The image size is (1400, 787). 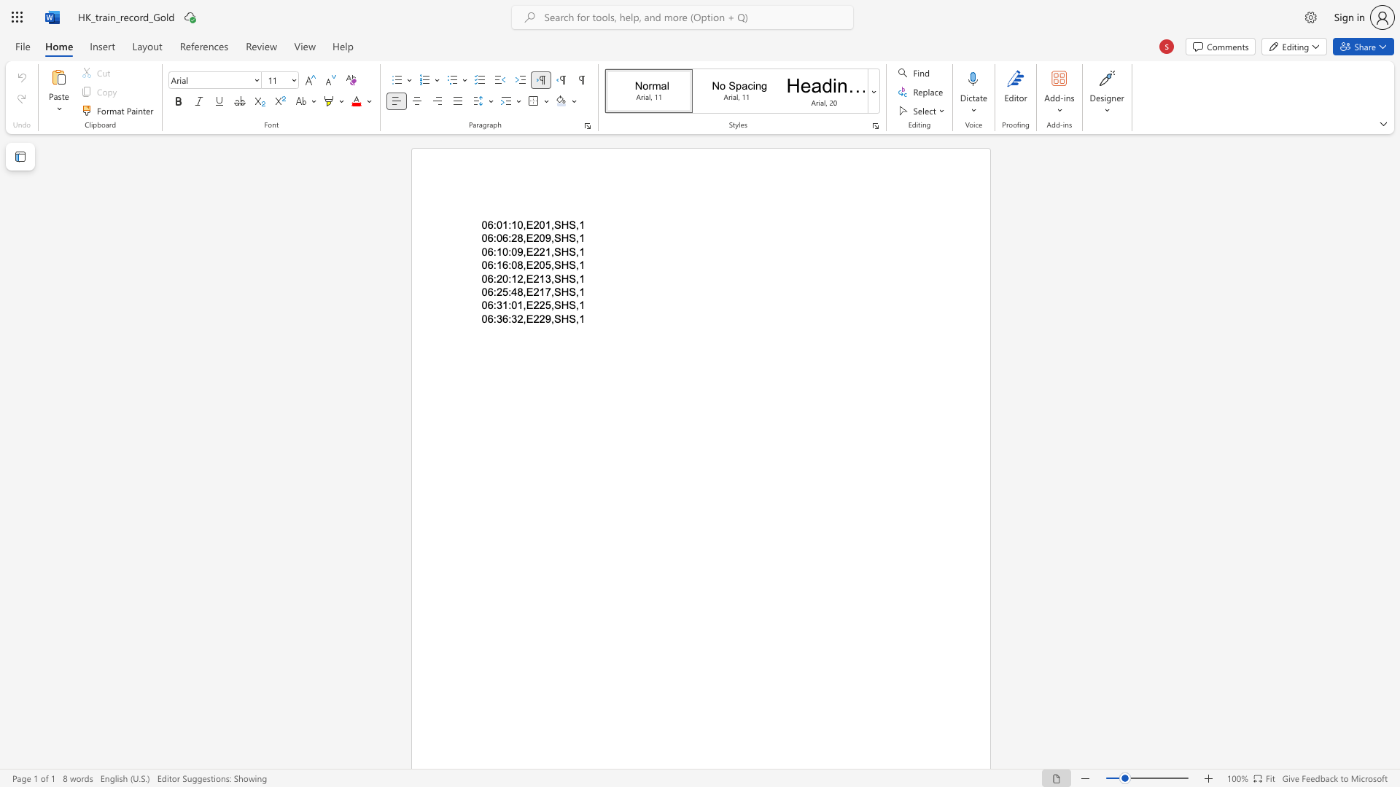 What do you see at coordinates (490, 224) in the screenshot?
I see `the 1th character "6" in the text` at bounding box center [490, 224].